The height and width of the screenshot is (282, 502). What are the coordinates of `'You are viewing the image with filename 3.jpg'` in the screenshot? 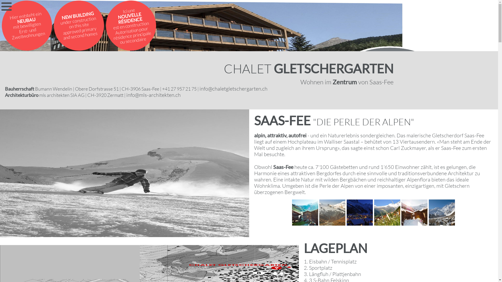 It's located at (360, 212).